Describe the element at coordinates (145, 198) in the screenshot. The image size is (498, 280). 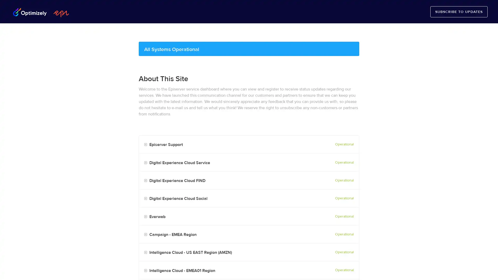
I see `Toggle Digital Experience Cloud Social` at that location.